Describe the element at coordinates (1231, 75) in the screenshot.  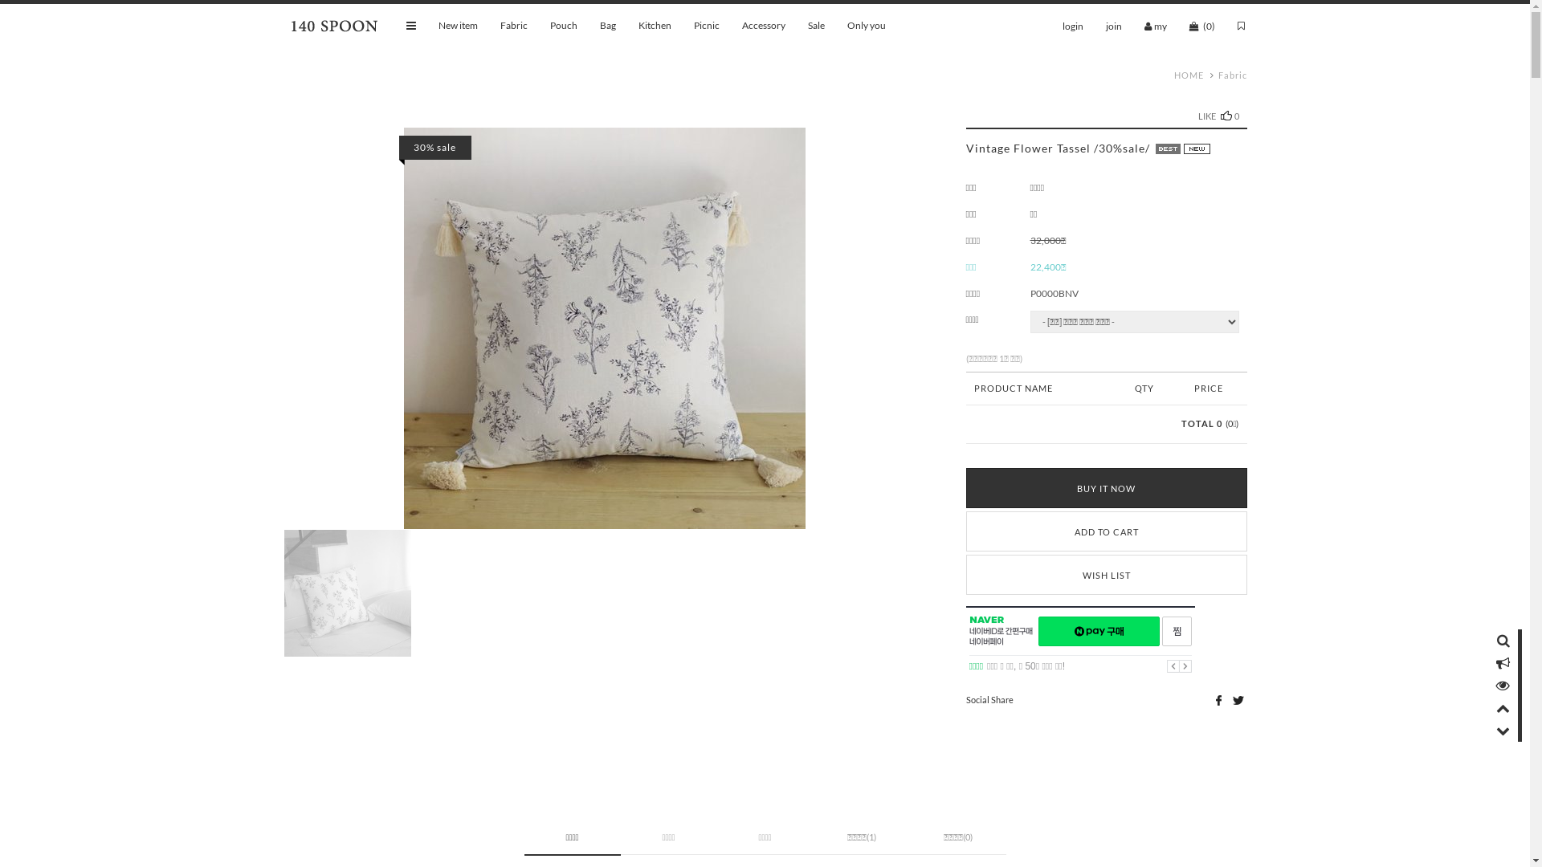
I see `'Fabric'` at that location.